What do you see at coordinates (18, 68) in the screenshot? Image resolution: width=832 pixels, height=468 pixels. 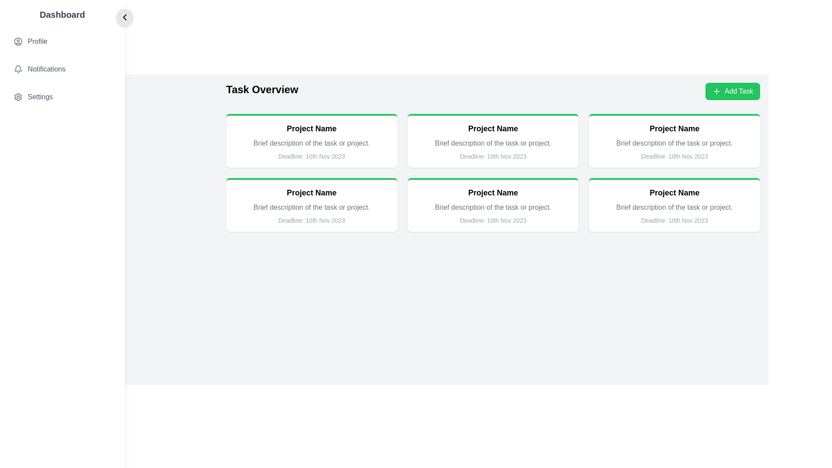 I see `the notification icon located in the left sidebar, positioned to the left of the 'Notifications' label` at bounding box center [18, 68].